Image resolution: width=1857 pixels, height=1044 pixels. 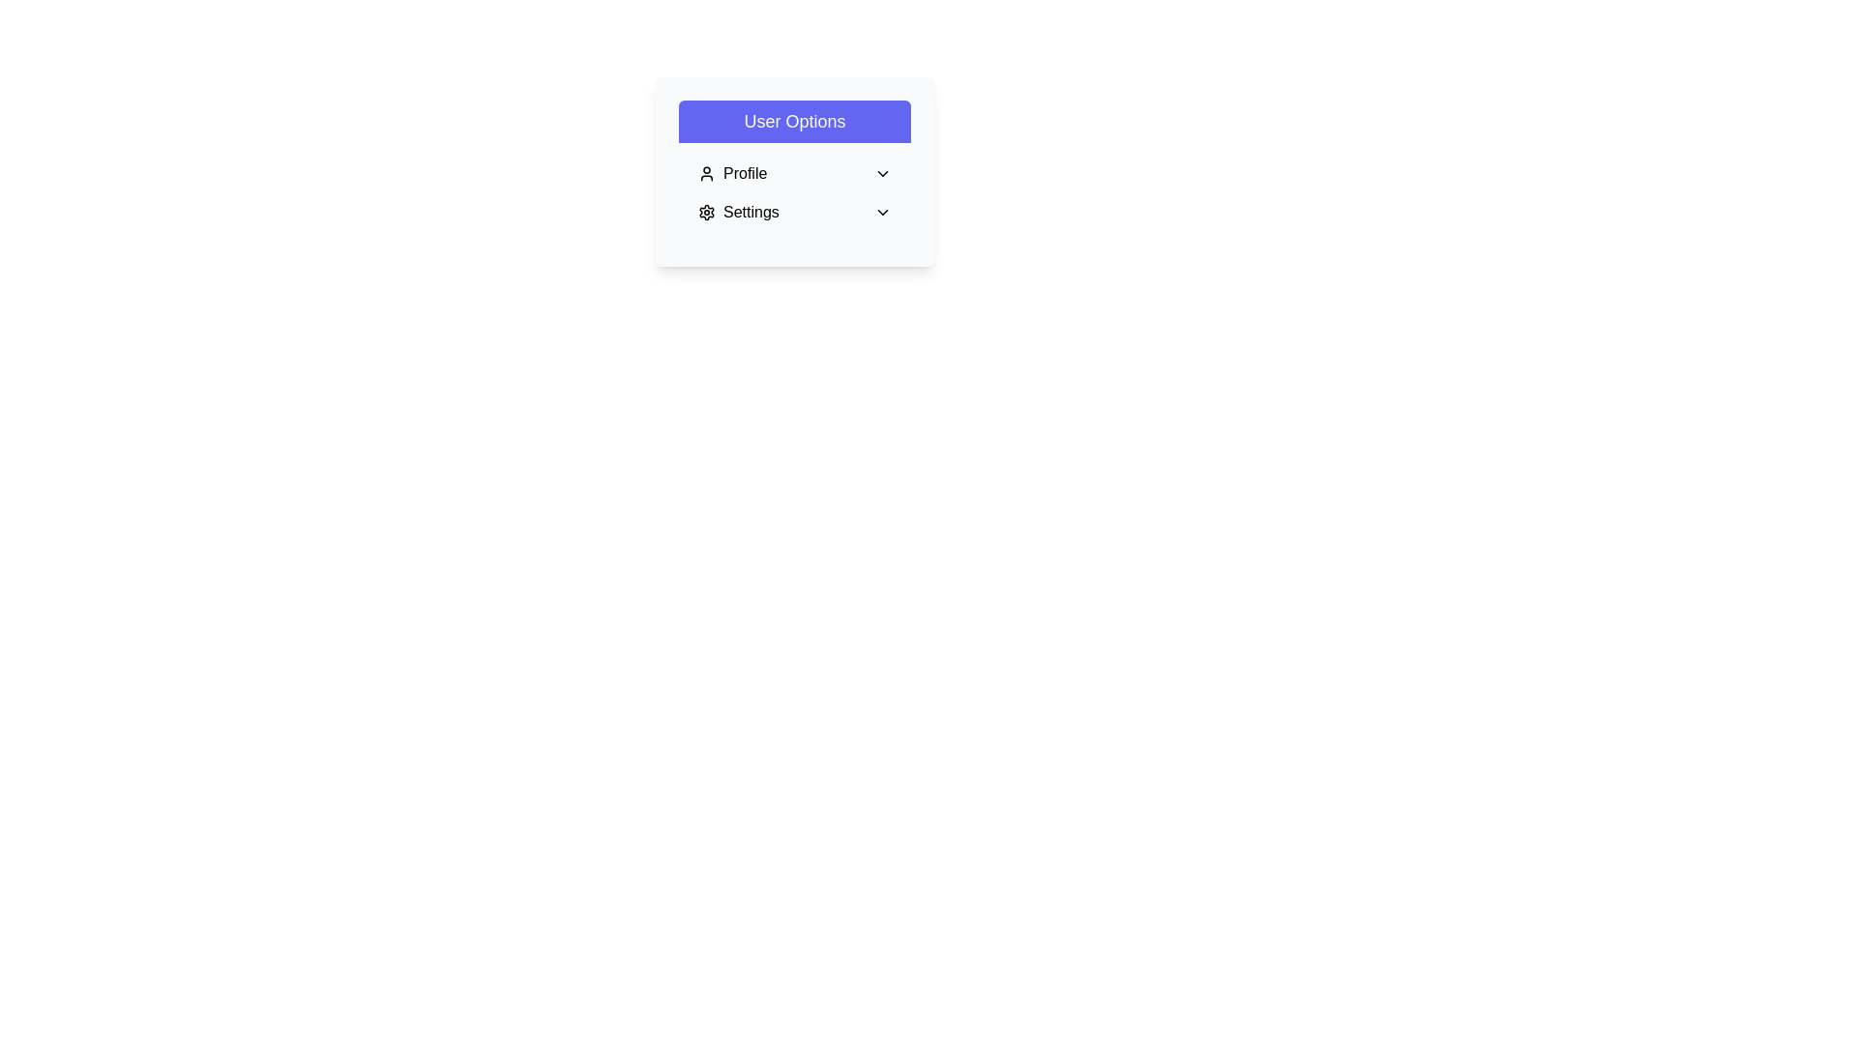 I want to click on the chevron icon located at the far right of the 'Settings' row in the dropdown menu, so click(x=881, y=212).